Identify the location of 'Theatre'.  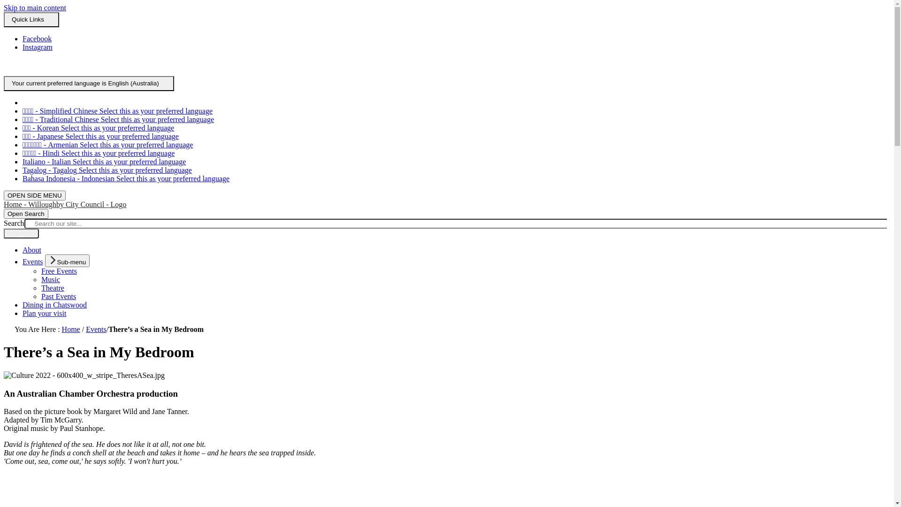
(52, 287).